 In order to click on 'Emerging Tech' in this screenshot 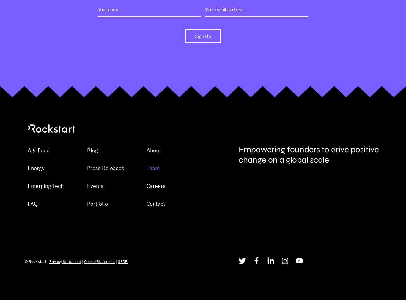, I will do `click(45, 215)`.